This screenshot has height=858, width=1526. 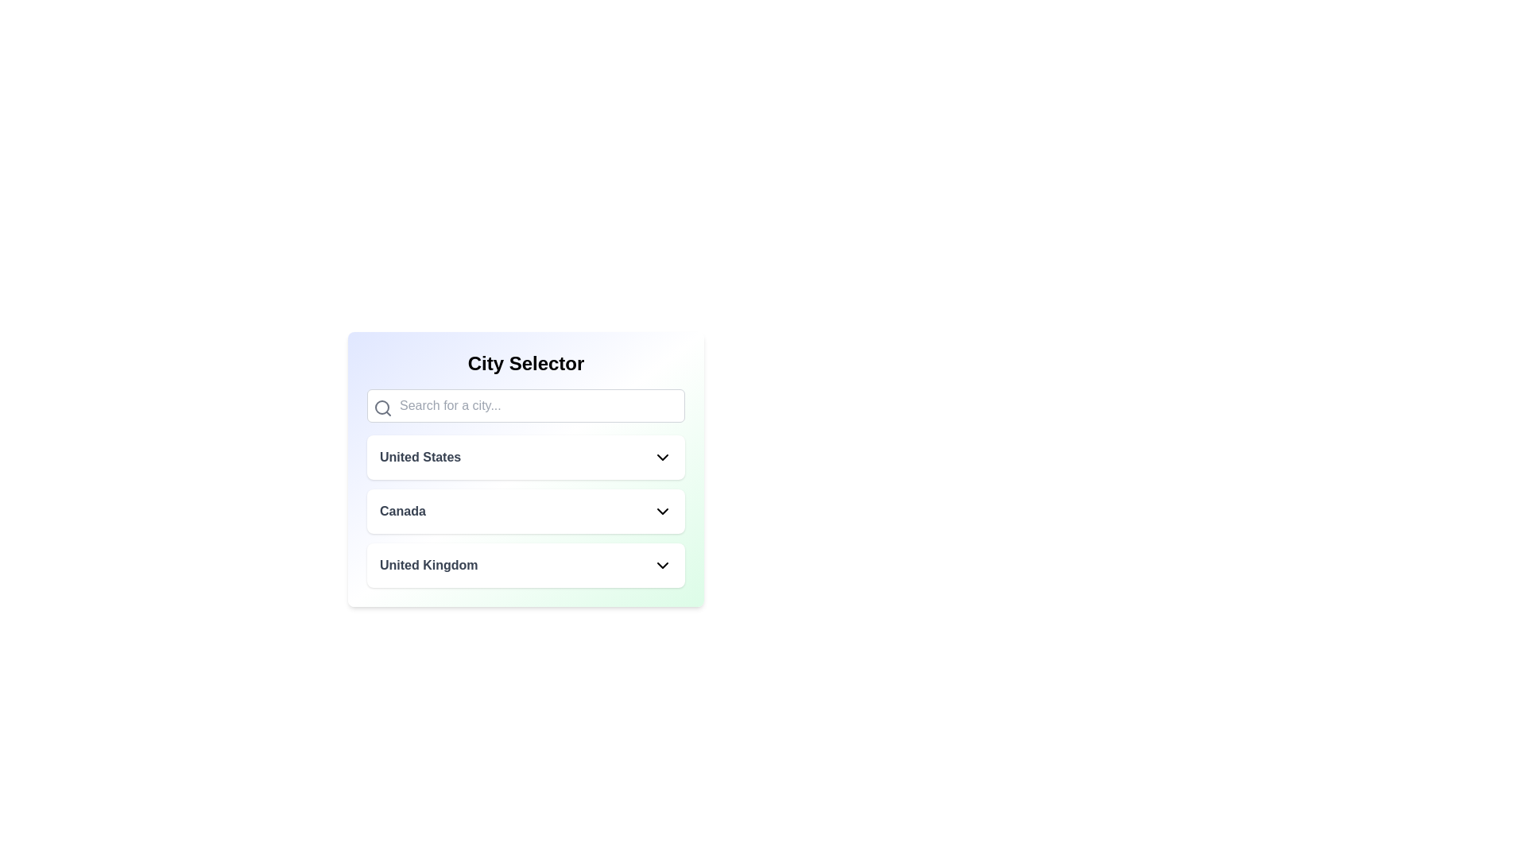 I want to click on the chevron icon indicating the dropdown feature for the 'United Kingdom' list item, so click(x=663, y=565).